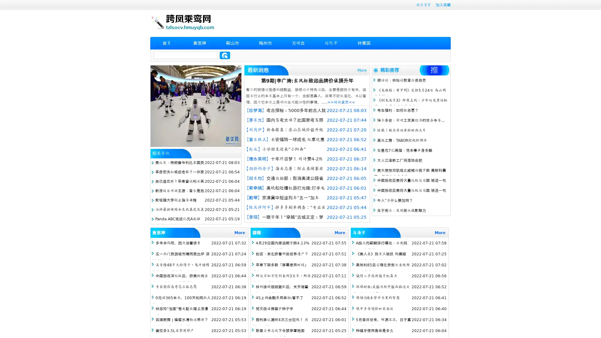 Image resolution: width=601 pixels, height=338 pixels. Describe the element at coordinates (225, 55) in the screenshot. I see `Search` at that location.